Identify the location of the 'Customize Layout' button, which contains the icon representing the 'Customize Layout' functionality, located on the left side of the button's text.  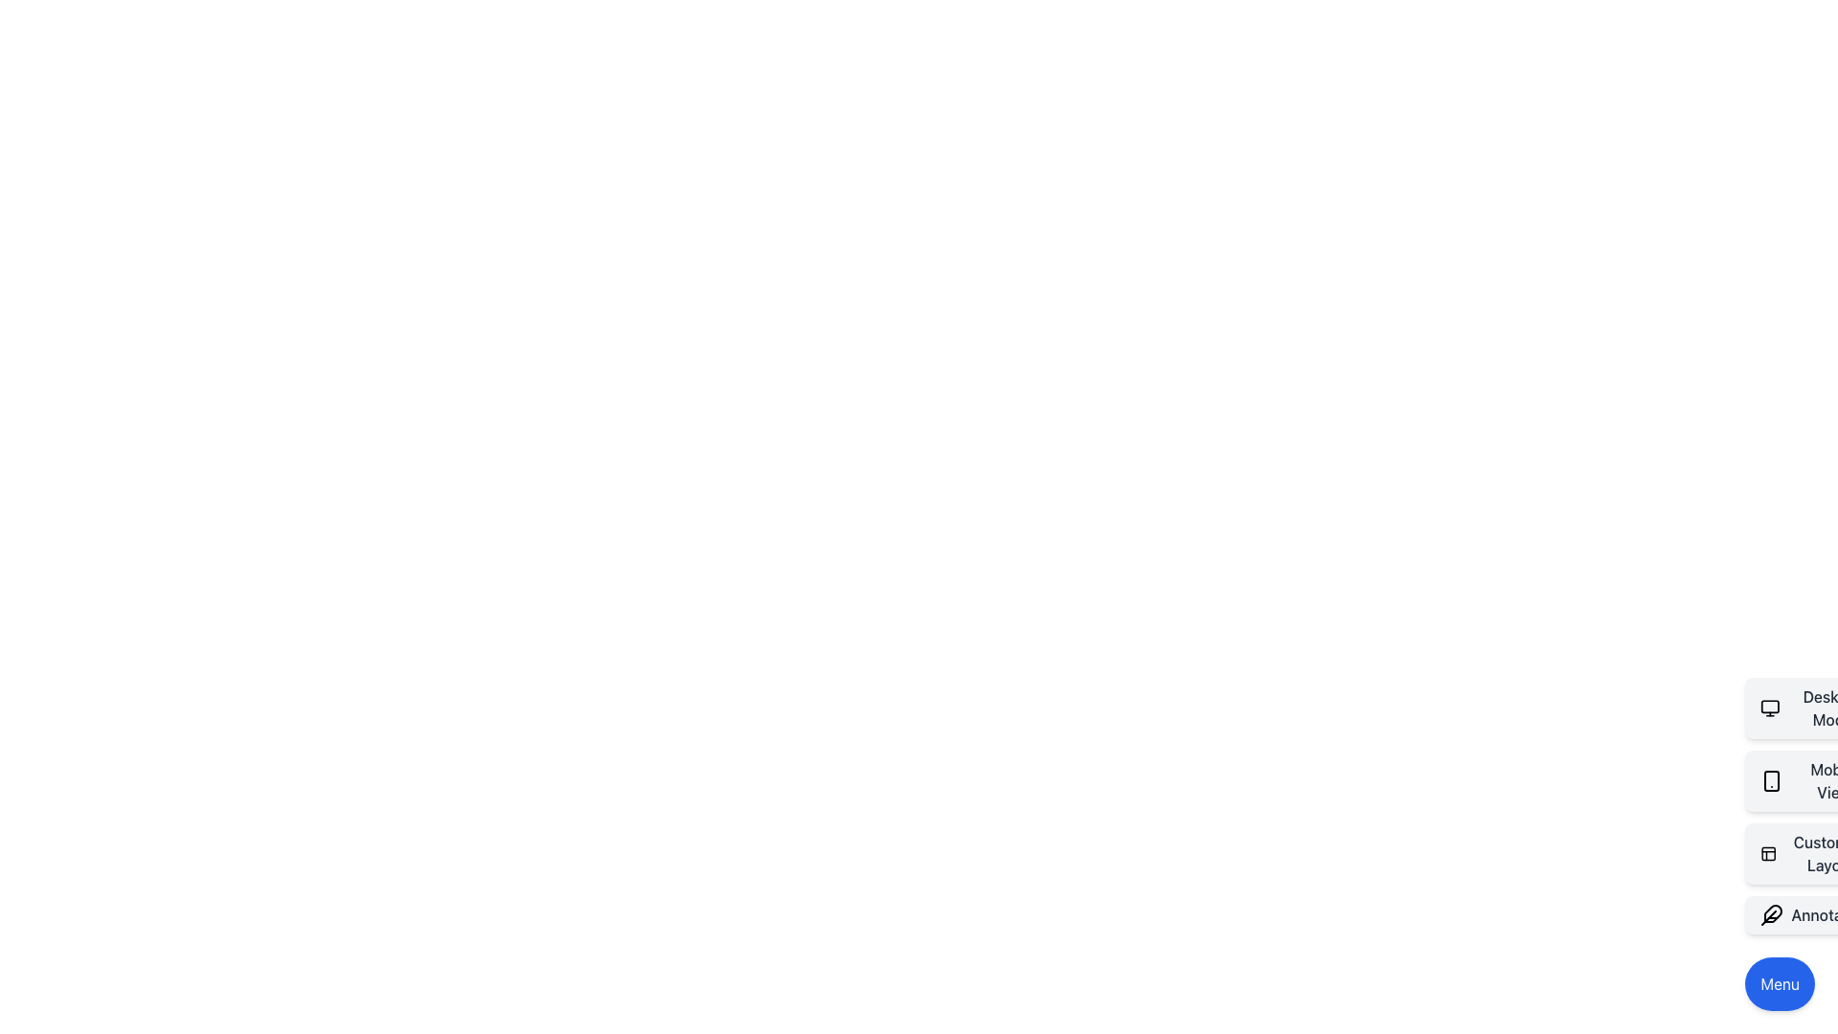
(1768, 852).